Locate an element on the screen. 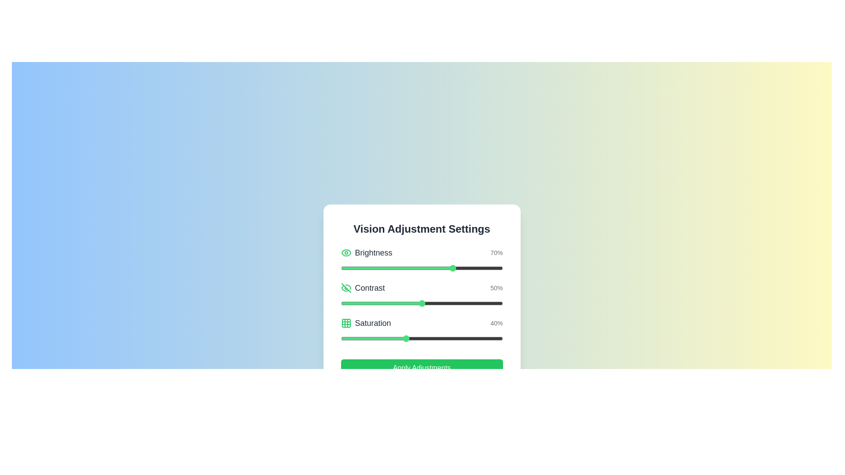 The image size is (845, 475). the brightness slider to set the brightness to 0% is located at coordinates (340, 267).